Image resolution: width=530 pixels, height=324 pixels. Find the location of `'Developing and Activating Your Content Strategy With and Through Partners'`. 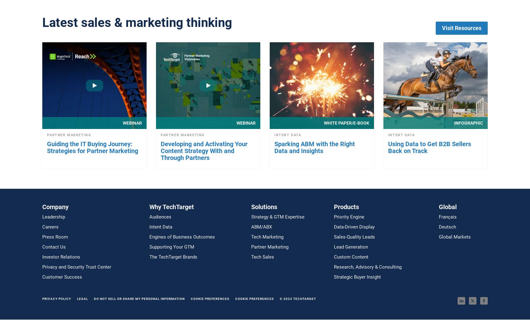

'Developing and Activating Your Content Strategy With and Through Partners' is located at coordinates (204, 150).